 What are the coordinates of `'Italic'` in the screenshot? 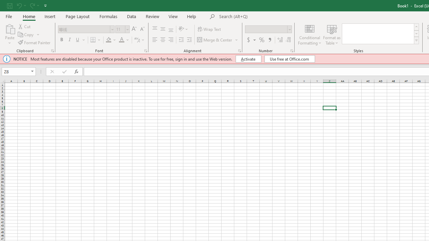 It's located at (70, 40).